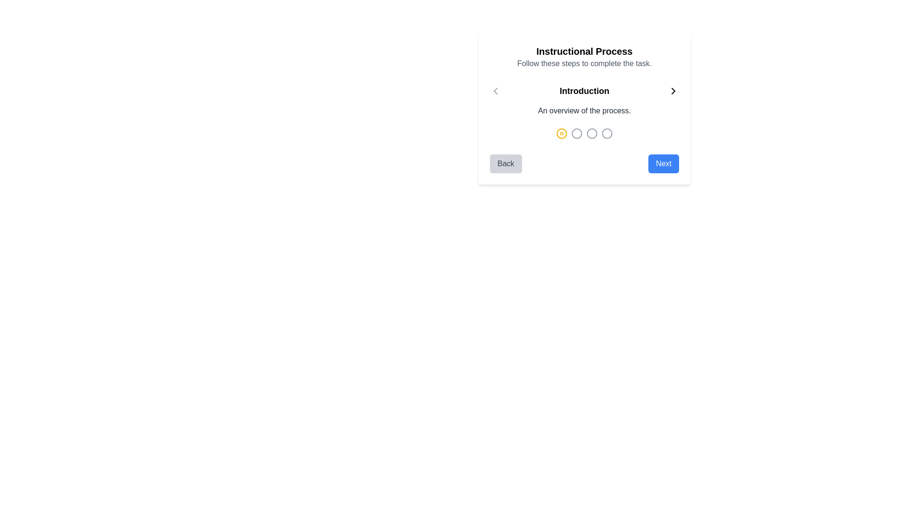 This screenshot has height=510, width=908. I want to click on the chevron icon located at the far right of the row, so click(495, 91).